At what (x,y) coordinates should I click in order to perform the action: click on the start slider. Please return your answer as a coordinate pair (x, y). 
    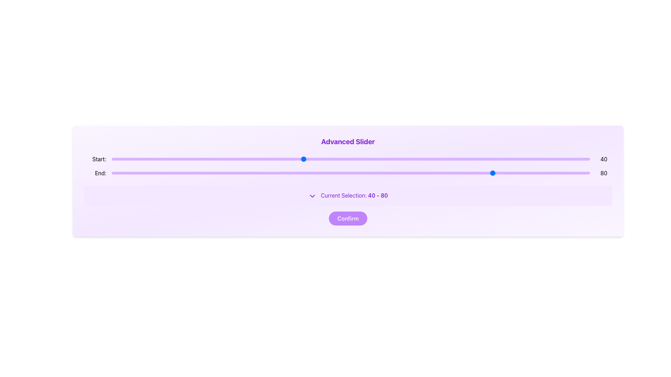
    Looking at the image, I should click on (451, 159).